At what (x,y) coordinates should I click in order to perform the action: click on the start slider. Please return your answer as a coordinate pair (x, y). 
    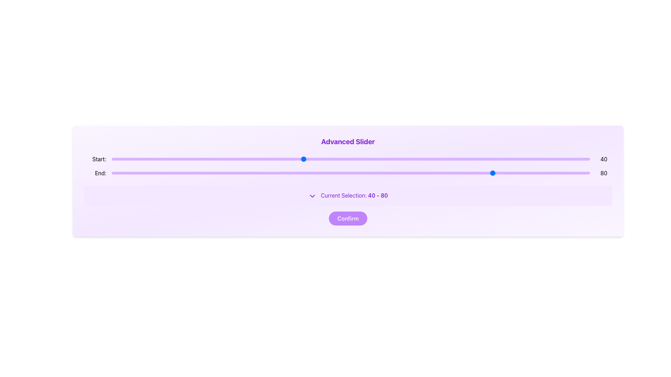
    Looking at the image, I should click on (451, 159).